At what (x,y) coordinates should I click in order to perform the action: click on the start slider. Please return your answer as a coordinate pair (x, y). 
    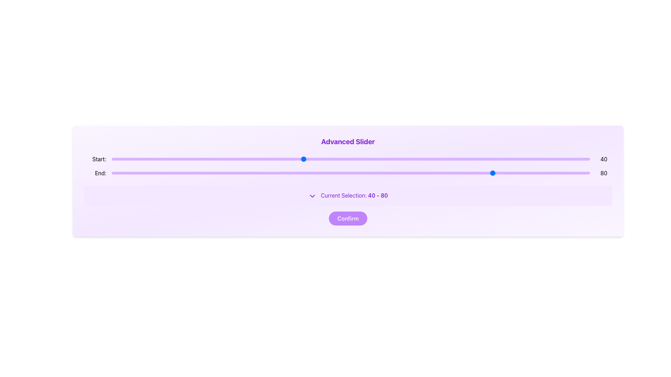
    Looking at the image, I should click on (451, 159).